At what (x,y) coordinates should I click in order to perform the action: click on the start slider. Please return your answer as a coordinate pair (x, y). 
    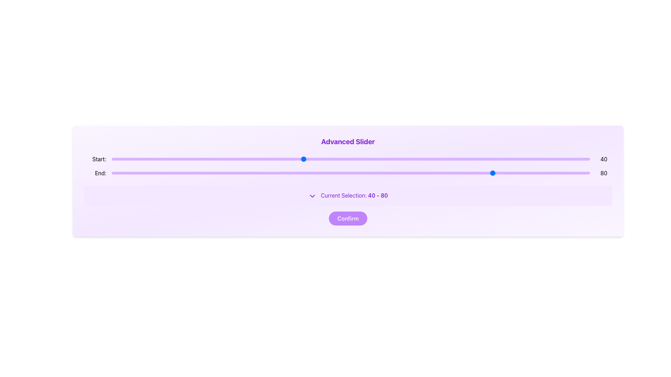
    Looking at the image, I should click on (451, 159).